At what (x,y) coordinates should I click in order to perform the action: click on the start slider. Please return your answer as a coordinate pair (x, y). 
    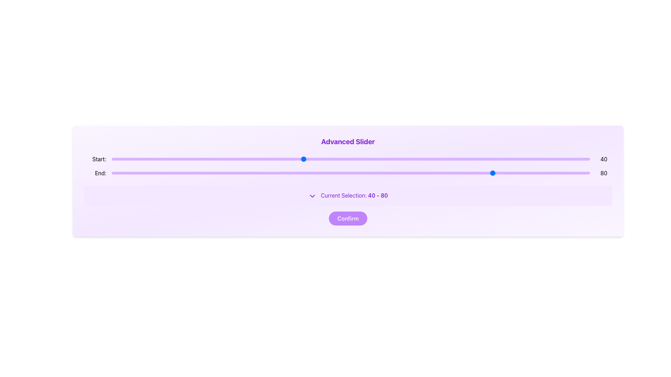
    Looking at the image, I should click on (451, 159).